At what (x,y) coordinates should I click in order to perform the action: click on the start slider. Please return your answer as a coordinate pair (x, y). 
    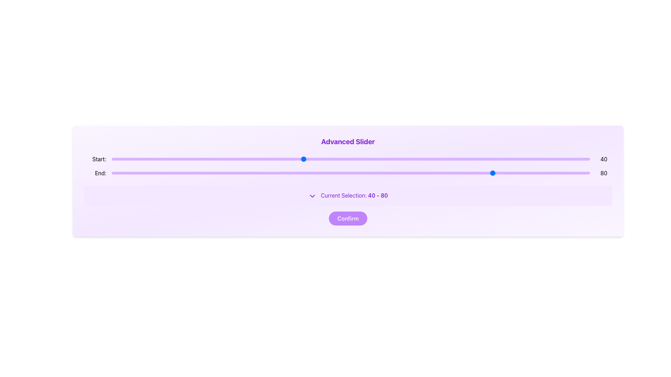
    Looking at the image, I should click on (451, 159).